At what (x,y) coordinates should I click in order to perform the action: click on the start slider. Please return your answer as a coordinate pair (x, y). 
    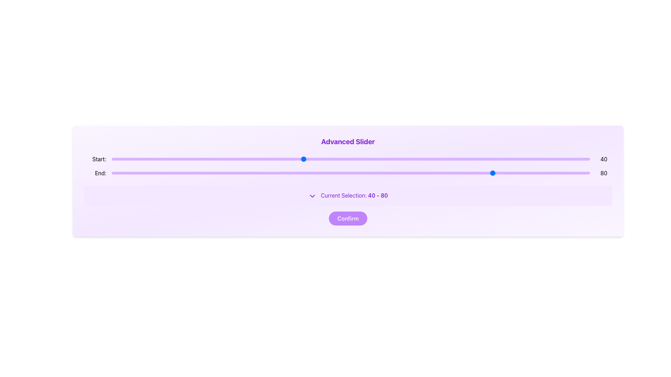
    Looking at the image, I should click on (451, 159).